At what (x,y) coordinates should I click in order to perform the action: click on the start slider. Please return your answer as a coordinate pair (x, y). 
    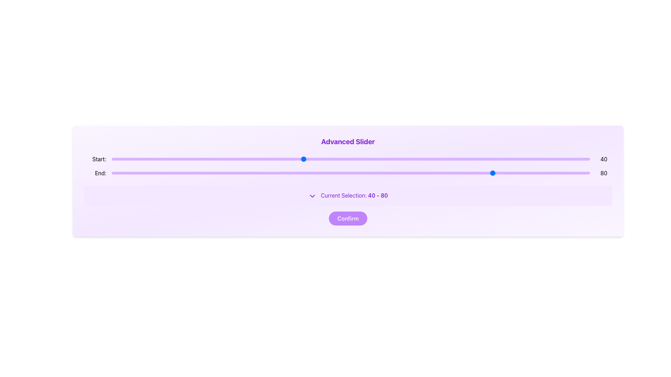
    Looking at the image, I should click on (451, 159).